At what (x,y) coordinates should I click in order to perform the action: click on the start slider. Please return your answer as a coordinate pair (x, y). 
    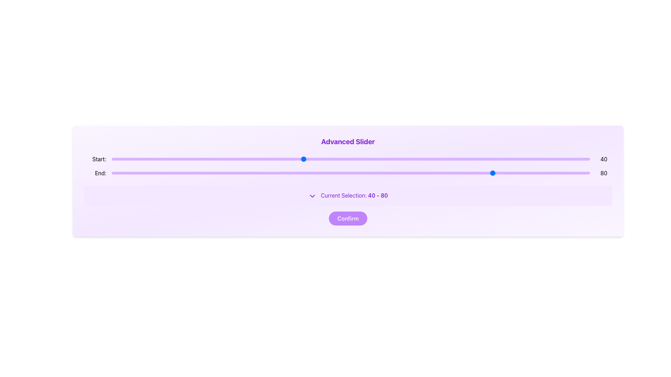
    Looking at the image, I should click on (451, 159).